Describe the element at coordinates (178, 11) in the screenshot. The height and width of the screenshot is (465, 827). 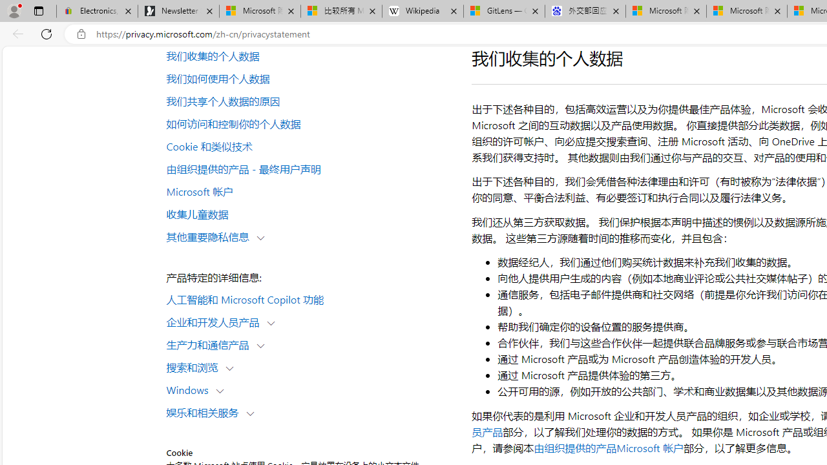
I see `'Newsletter Sign Up'` at that location.